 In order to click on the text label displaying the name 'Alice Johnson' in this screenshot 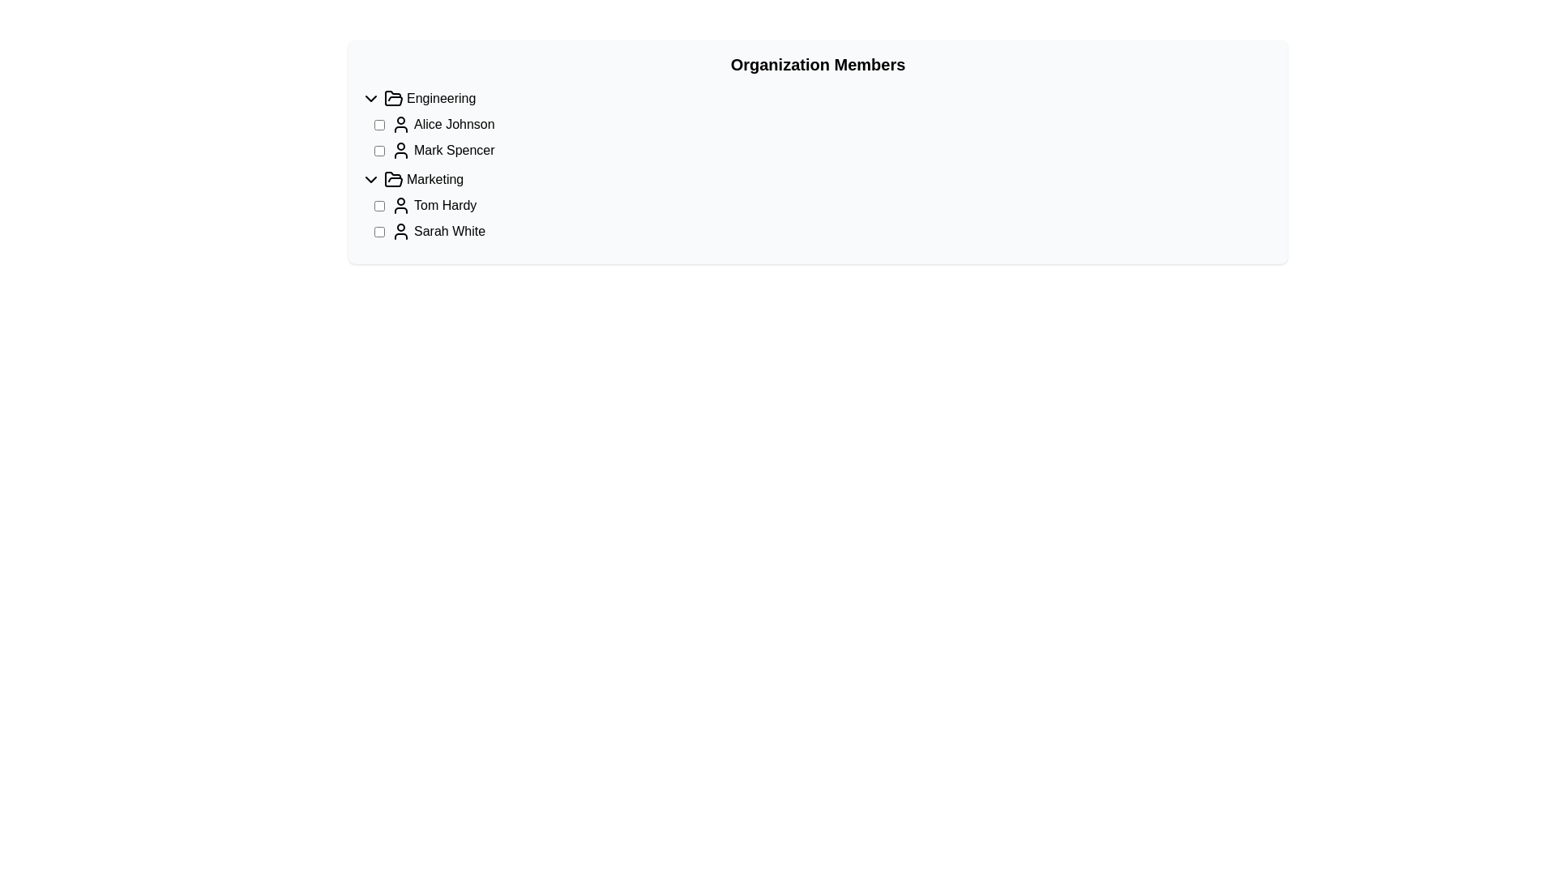, I will do `click(454, 124)`.